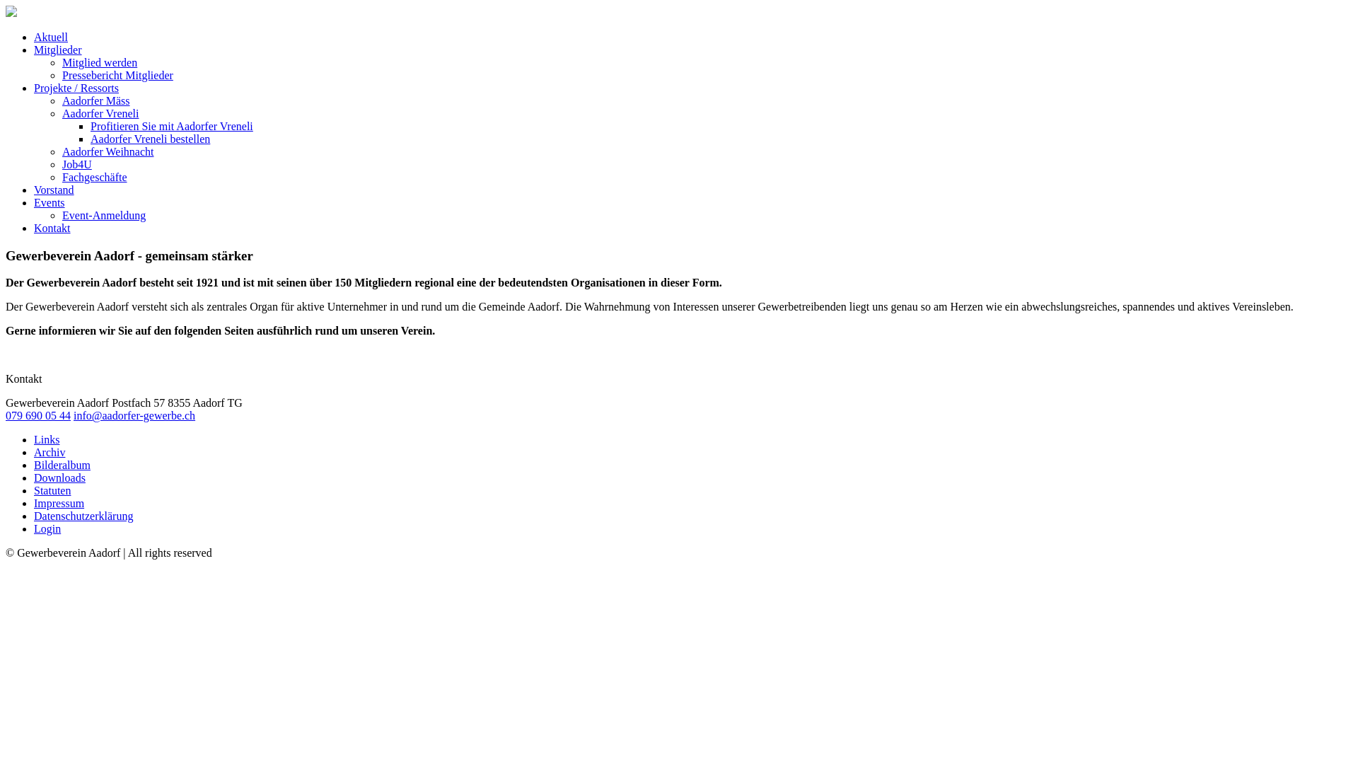  I want to click on 'Statuten', so click(52, 490).